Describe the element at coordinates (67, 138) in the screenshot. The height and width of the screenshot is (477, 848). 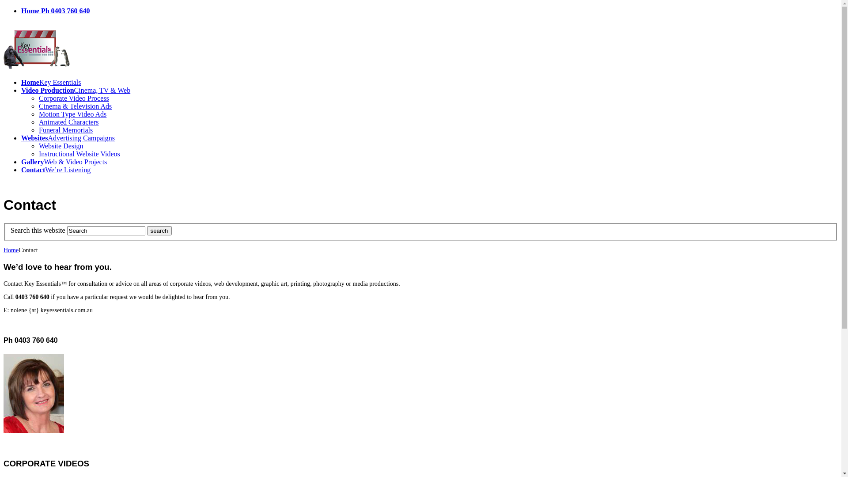
I see `'WebsitesAdvertising Campaigns'` at that location.